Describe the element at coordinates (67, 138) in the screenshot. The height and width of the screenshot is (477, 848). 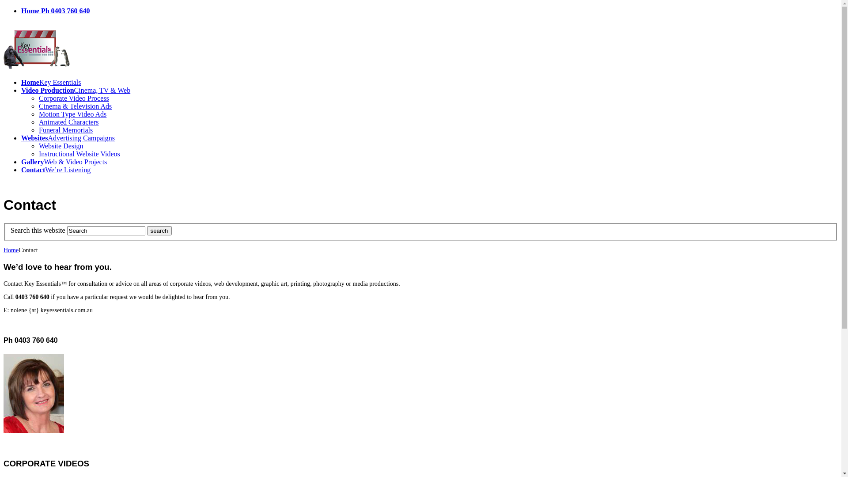
I see `'WebsitesAdvertising Campaigns'` at that location.